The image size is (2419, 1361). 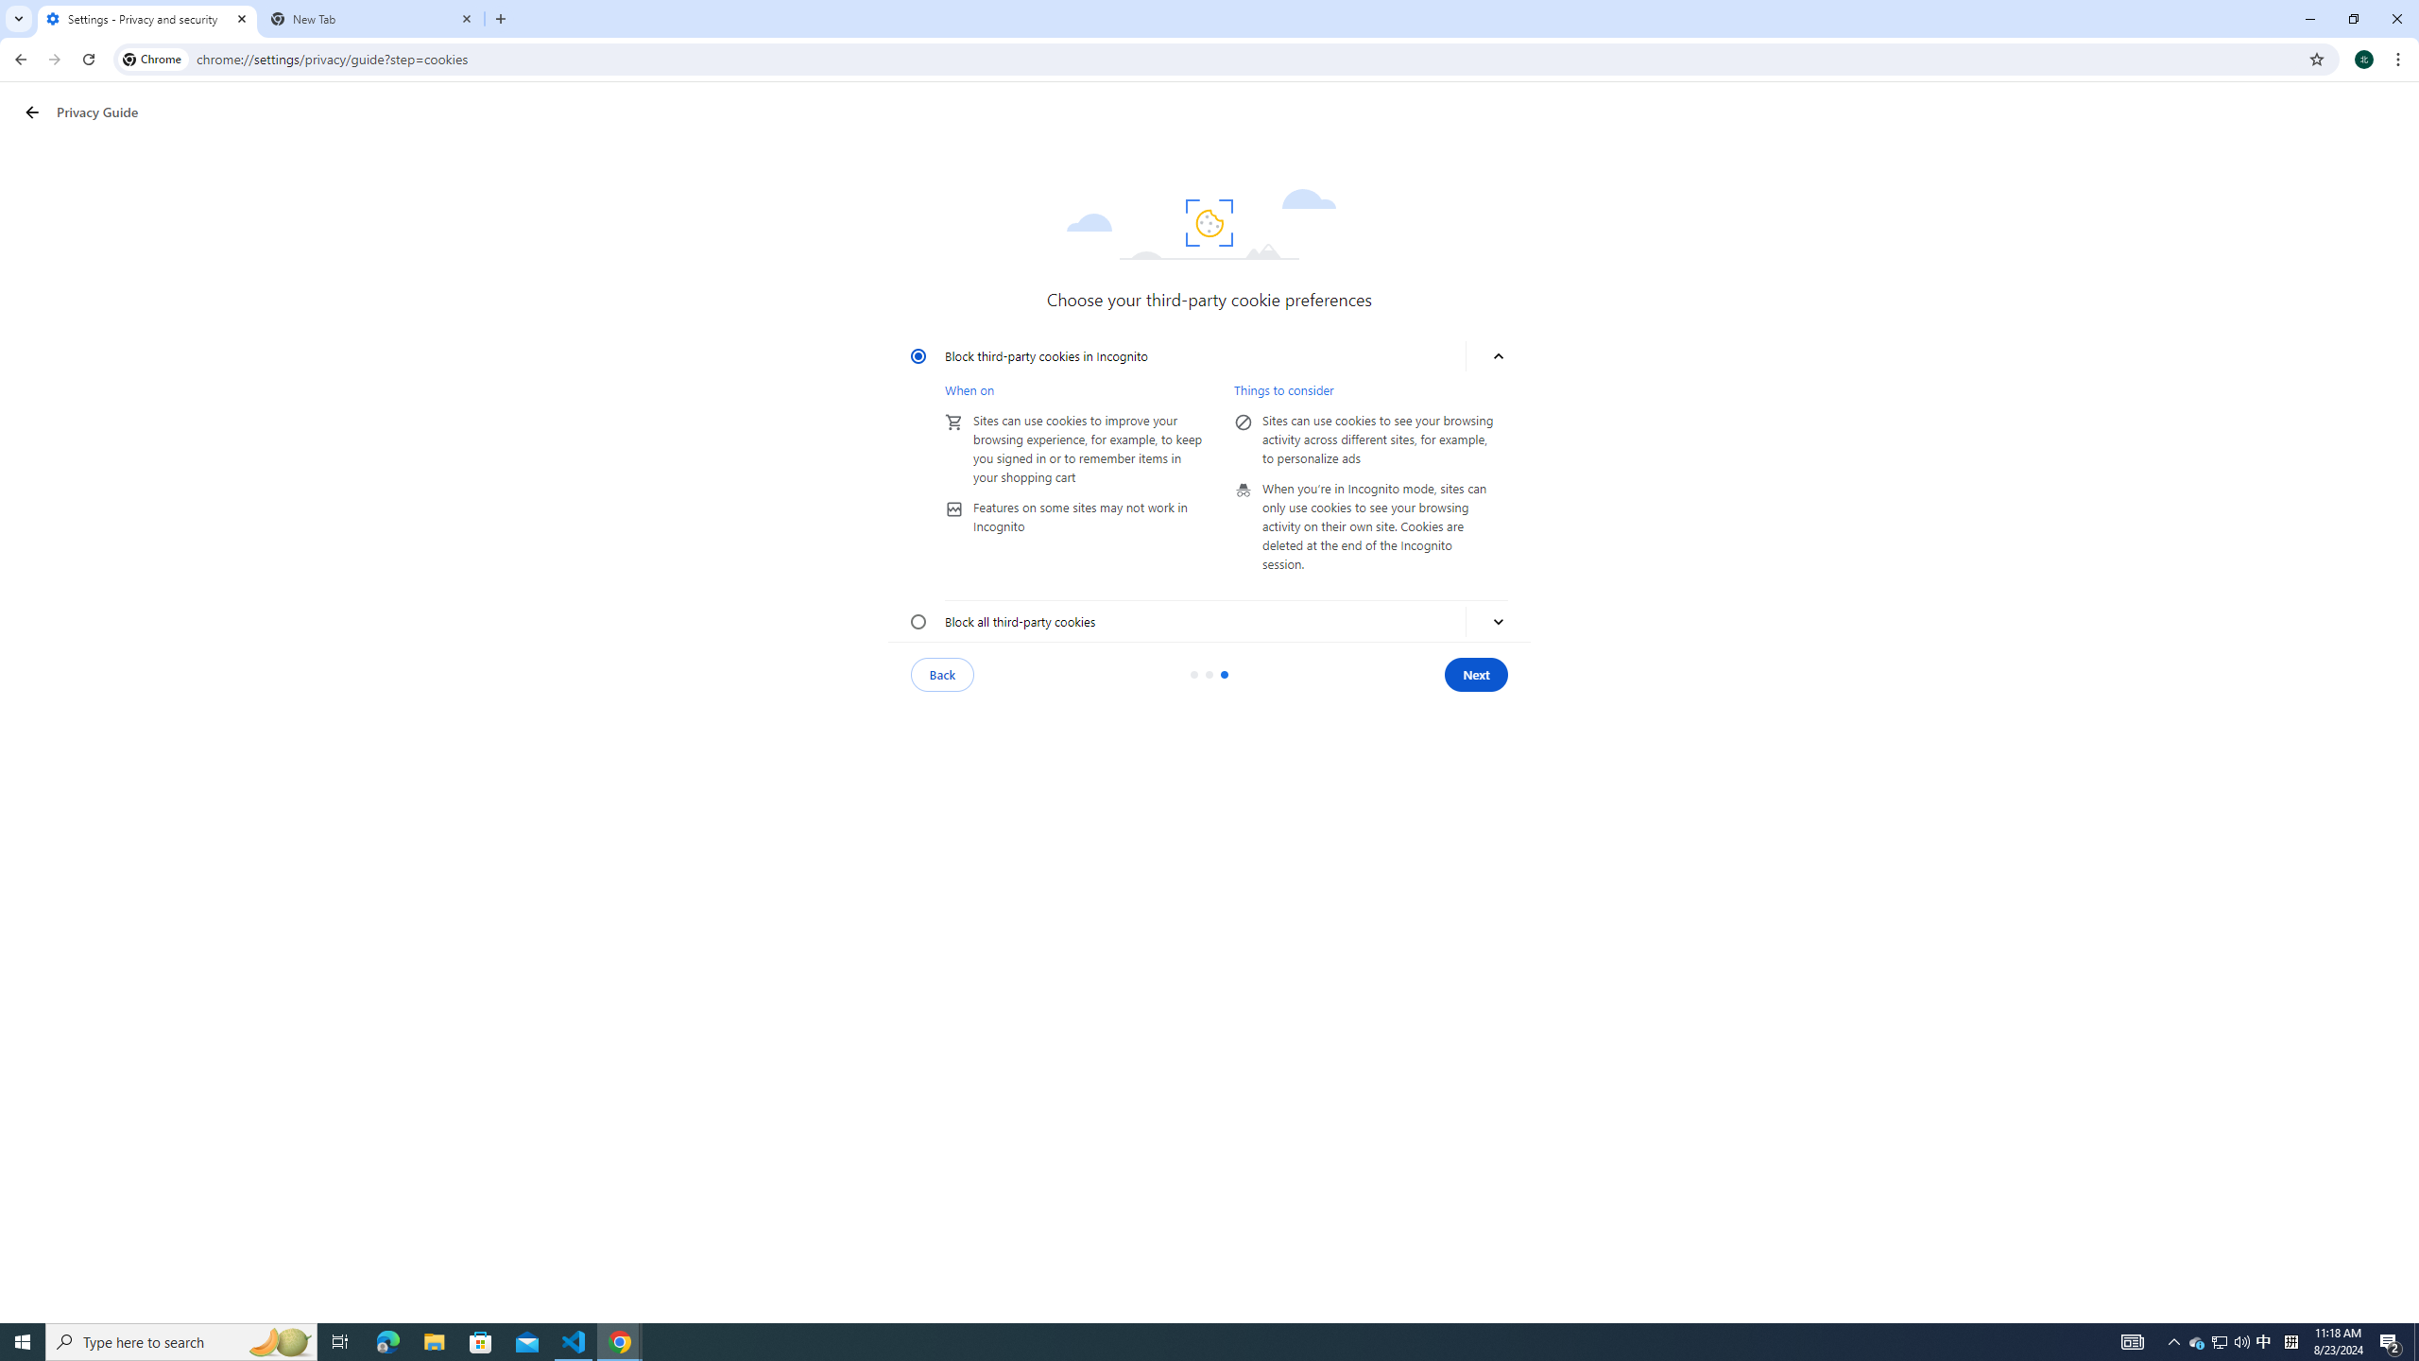 What do you see at coordinates (1498, 622) in the screenshot?
I see `'More about blocking third-party cookies'` at bounding box center [1498, 622].